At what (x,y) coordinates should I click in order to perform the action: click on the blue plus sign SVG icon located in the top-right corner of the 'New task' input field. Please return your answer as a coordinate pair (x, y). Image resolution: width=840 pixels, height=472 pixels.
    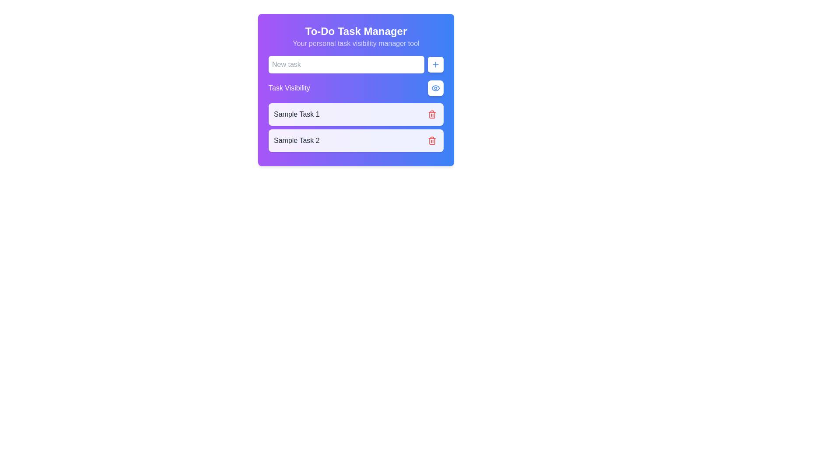
    Looking at the image, I should click on (436, 64).